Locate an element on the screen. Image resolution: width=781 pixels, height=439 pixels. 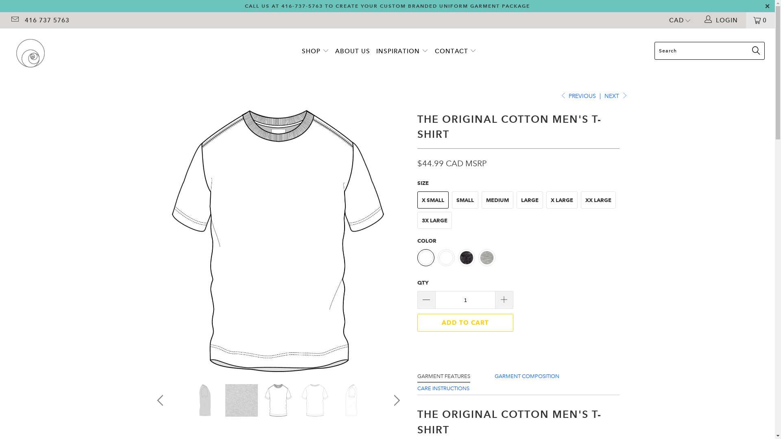
'416 737 5763' is located at coordinates (46, 20).